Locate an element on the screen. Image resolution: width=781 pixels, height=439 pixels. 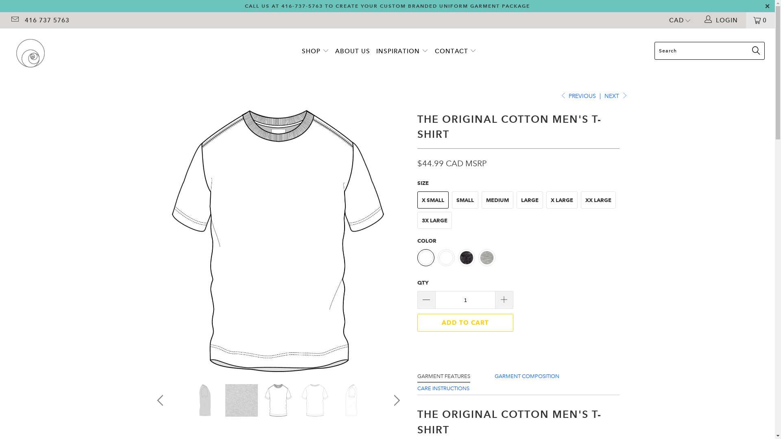
'416 737 5763' is located at coordinates (46, 20).